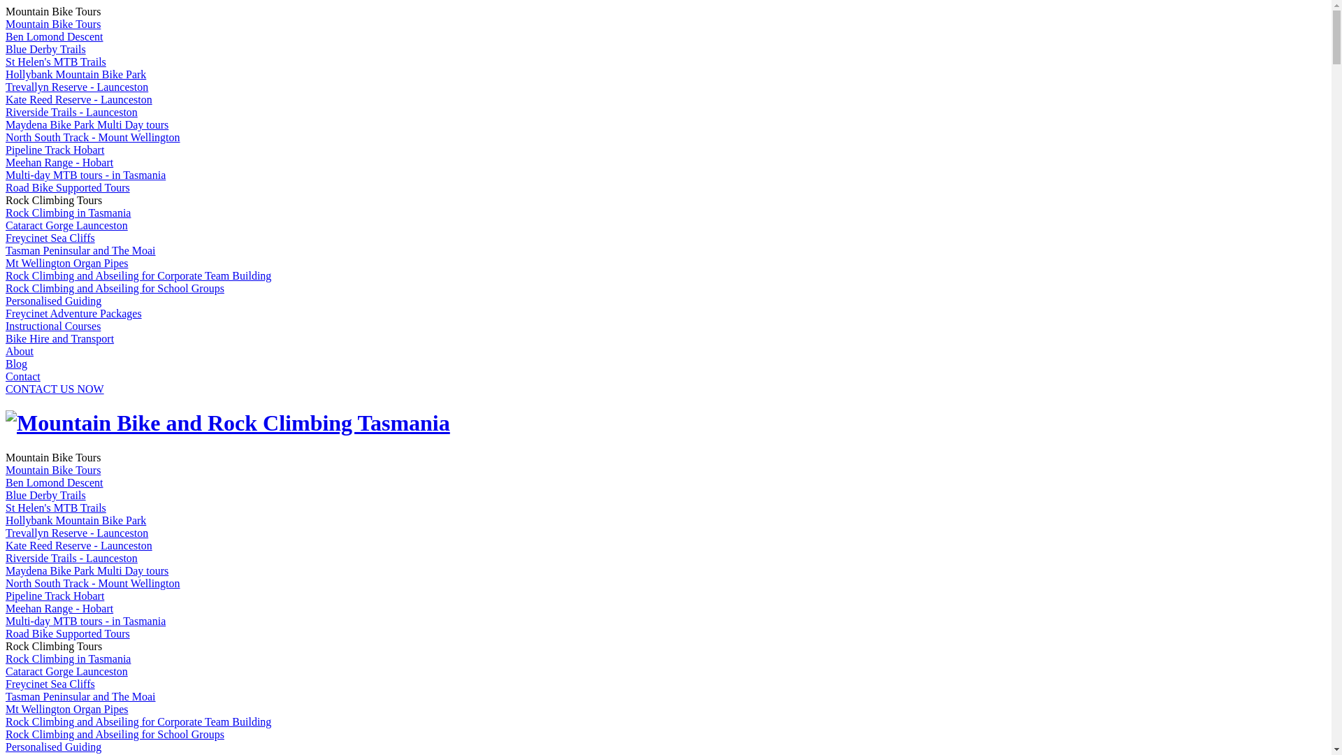 The width and height of the screenshot is (1342, 755). I want to click on 'Personalised Guiding', so click(53, 300).